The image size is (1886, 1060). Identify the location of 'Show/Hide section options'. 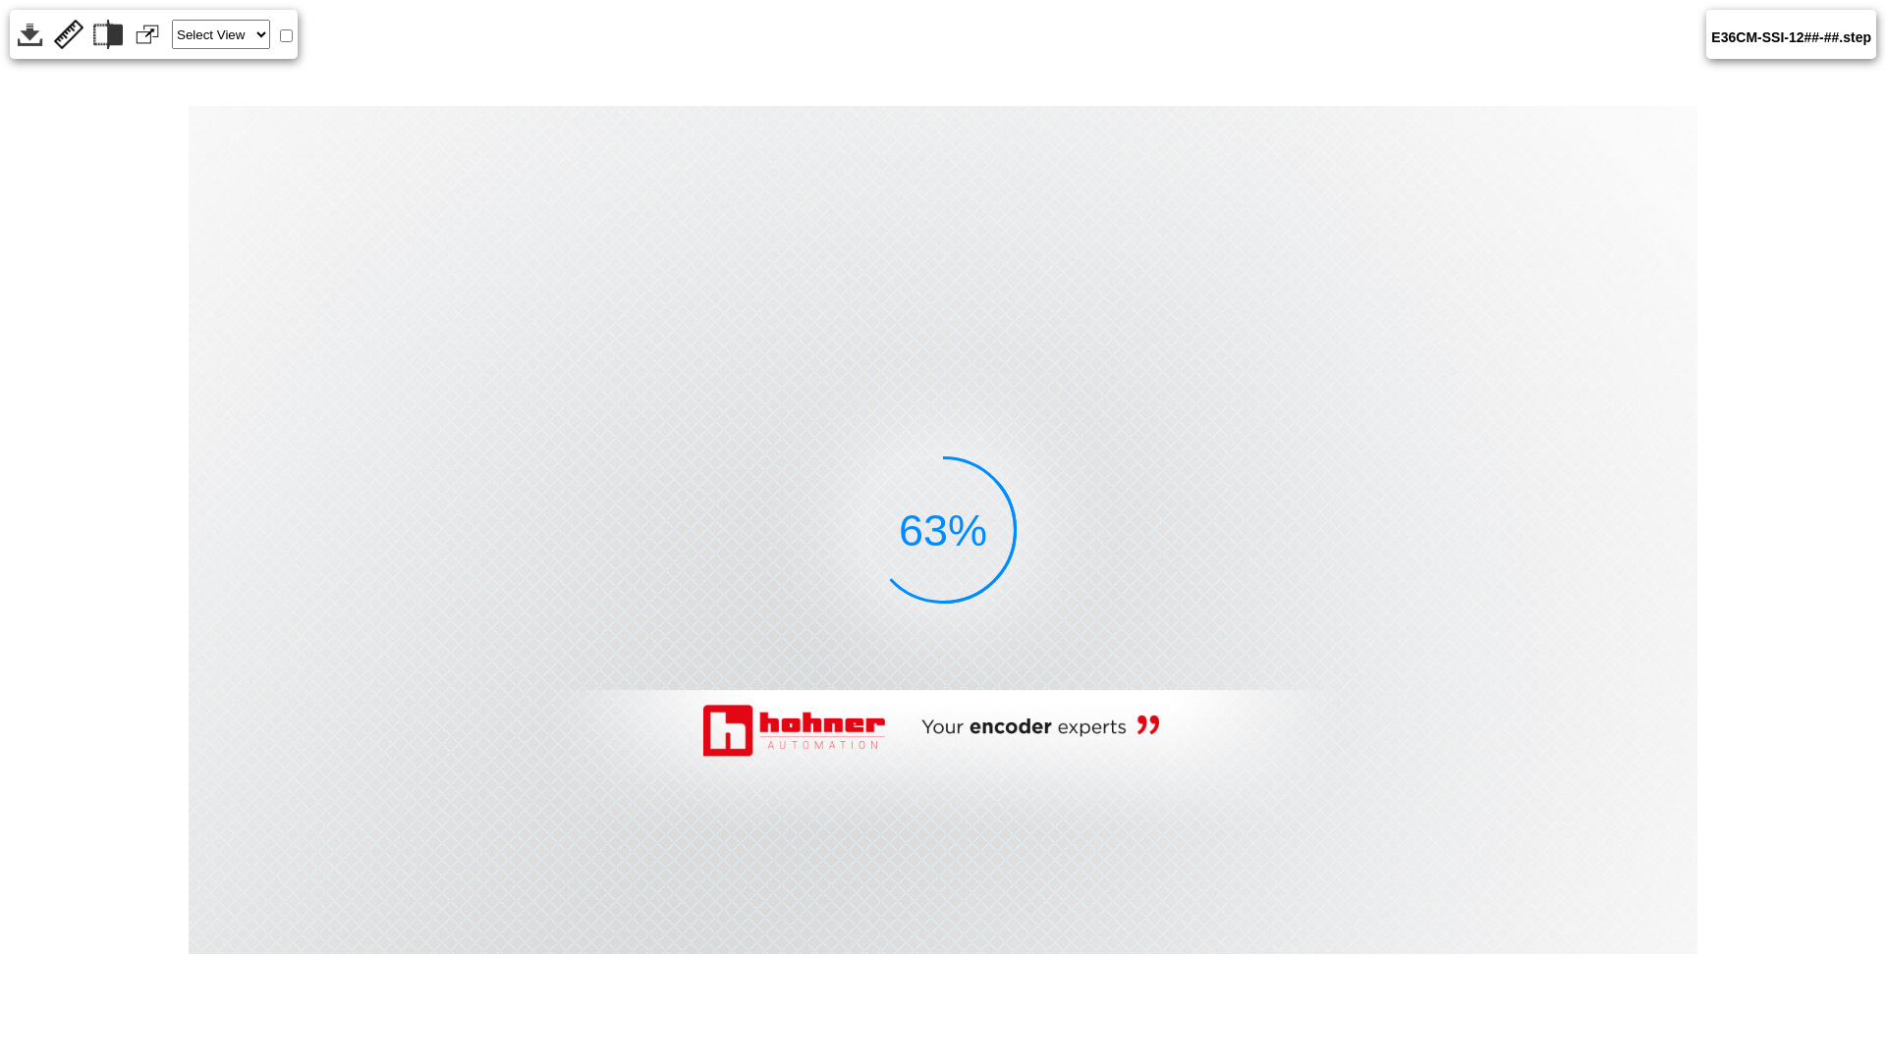
(107, 33).